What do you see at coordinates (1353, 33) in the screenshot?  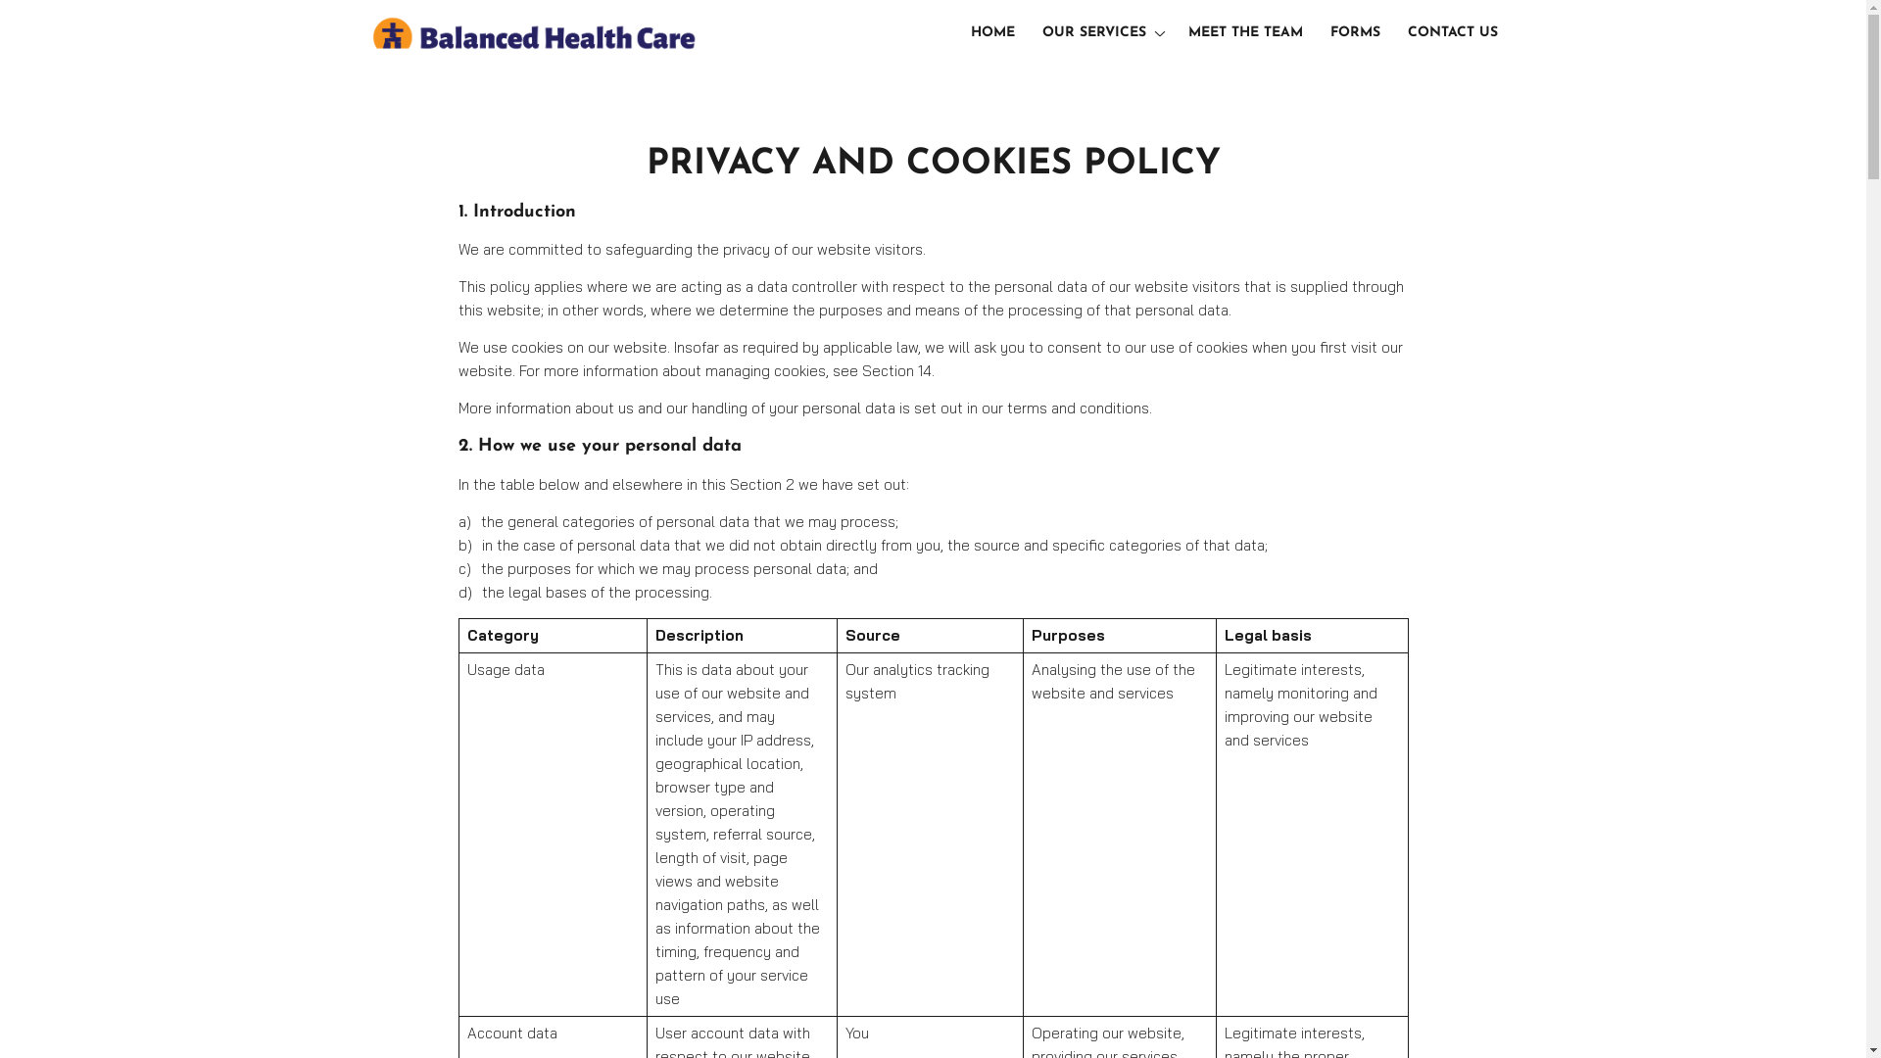 I see `'FORMS'` at bounding box center [1353, 33].